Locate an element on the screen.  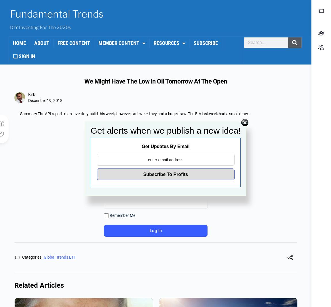
'December 19, 2018' is located at coordinates (45, 101).